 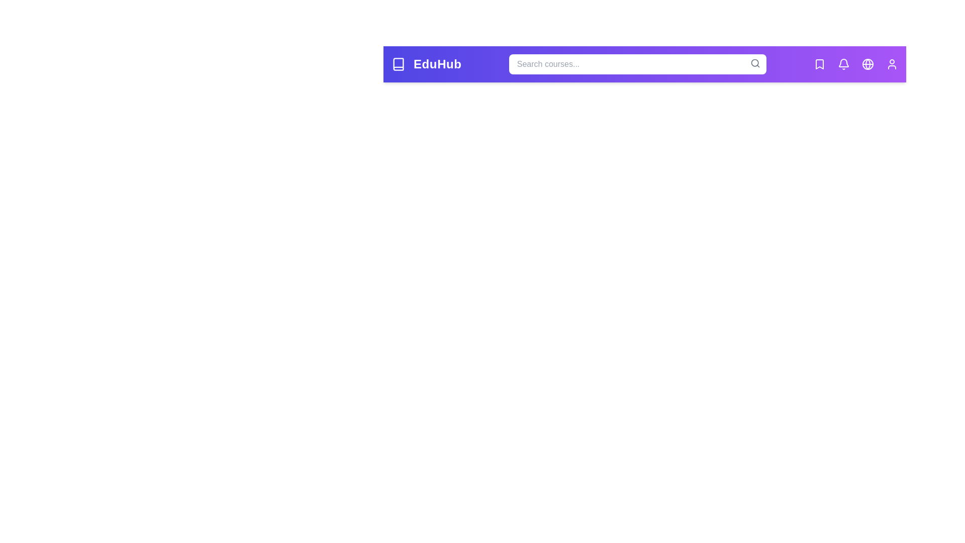 I want to click on the 'Notifications' icon to view notifications, so click(x=844, y=64).